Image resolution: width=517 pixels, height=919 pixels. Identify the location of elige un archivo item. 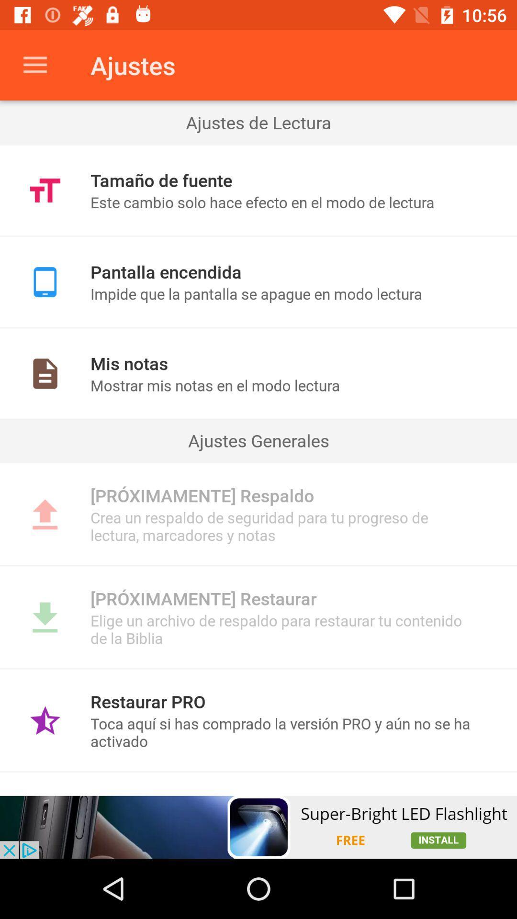
(283, 629).